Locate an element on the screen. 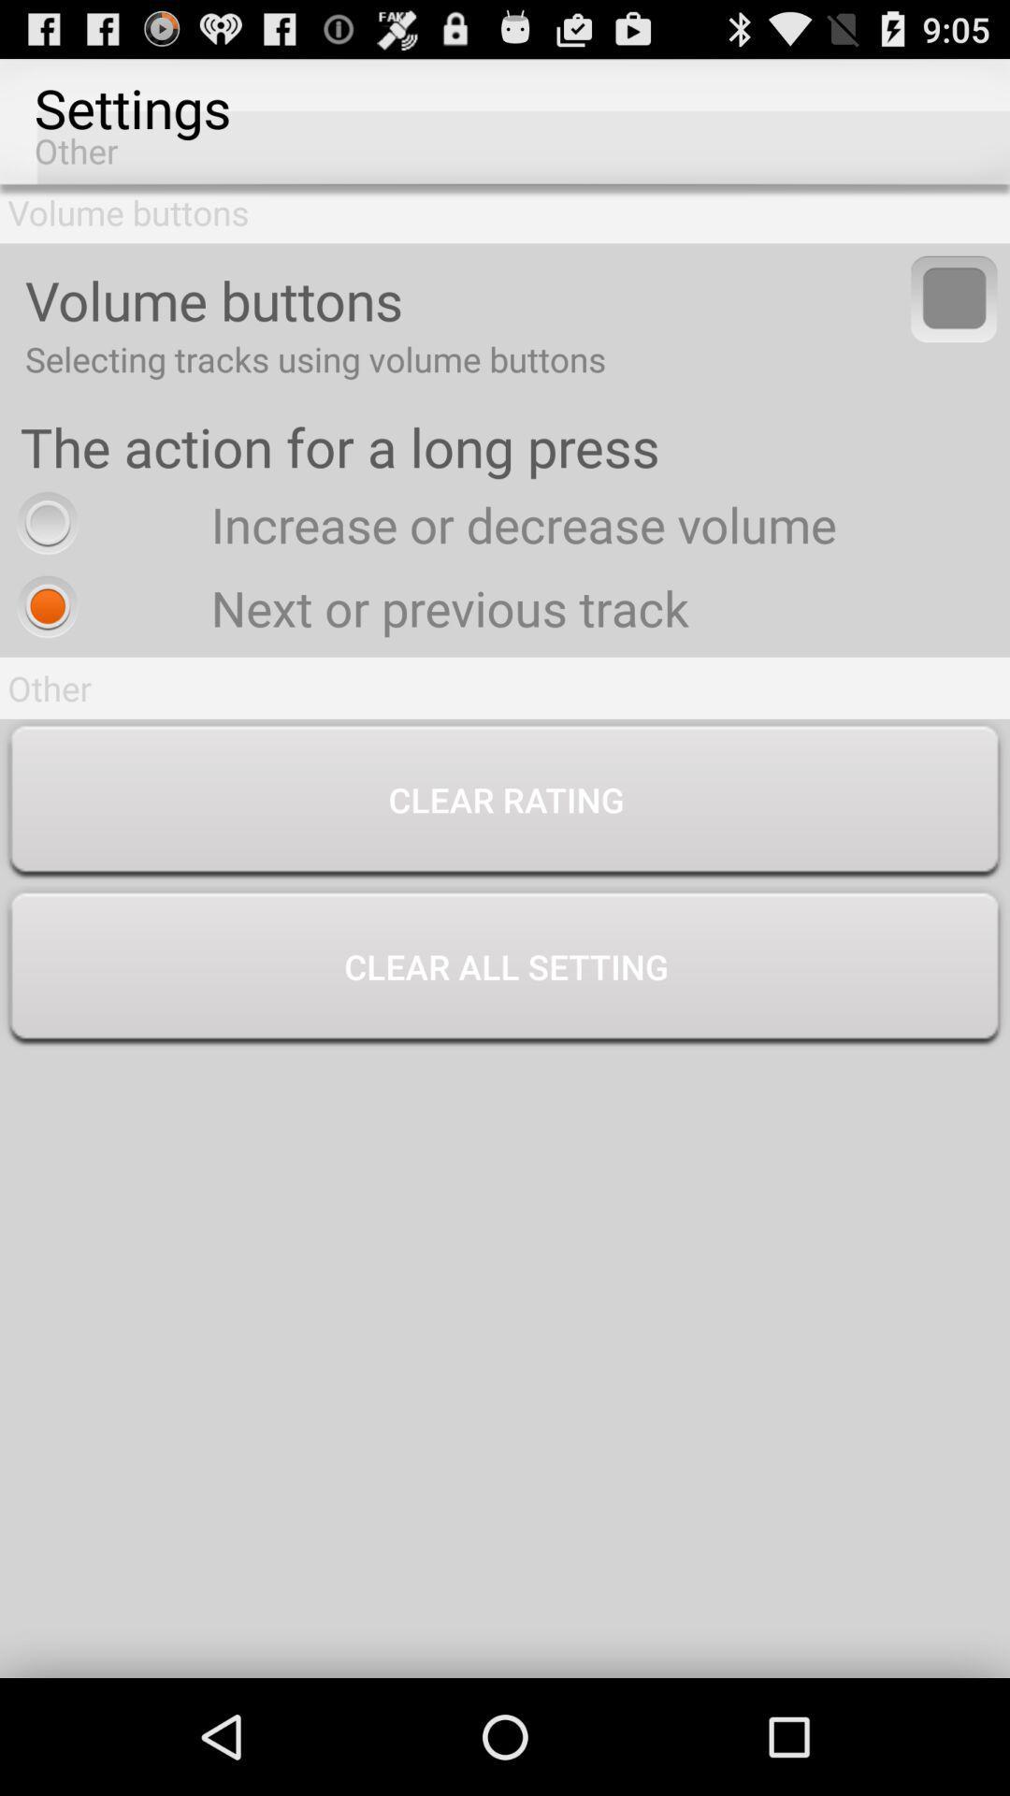 This screenshot has height=1796, width=1010. to select tracks using volume buttons is located at coordinates (954, 297).